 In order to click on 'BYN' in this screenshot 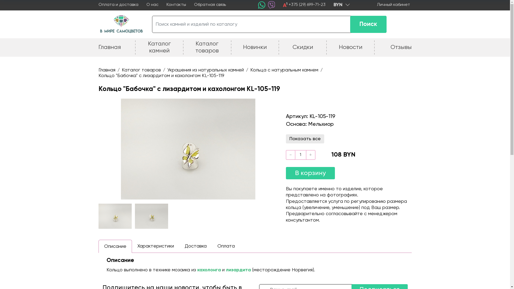, I will do `click(341, 5)`.